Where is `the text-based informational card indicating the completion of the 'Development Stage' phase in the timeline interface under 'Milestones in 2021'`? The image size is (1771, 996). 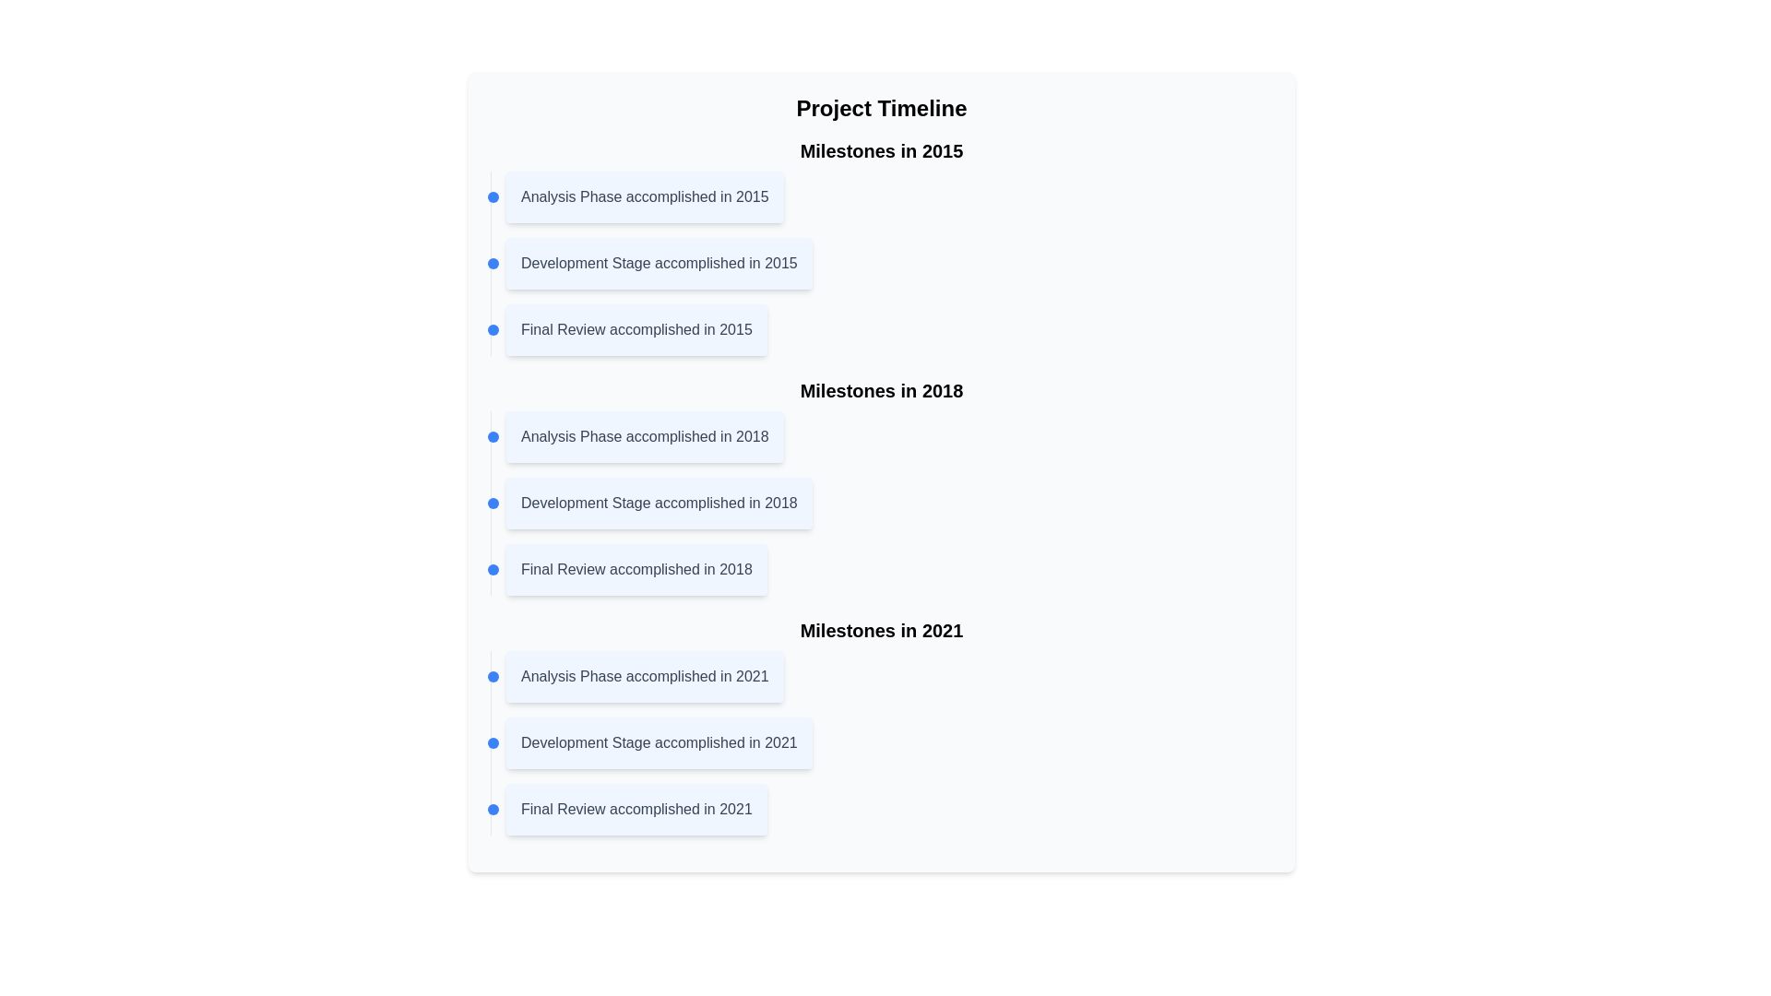
the text-based informational card indicating the completion of the 'Development Stage' phase in the timeline interface under 'Milestones in 2021' is located at coordinates (659, 742).